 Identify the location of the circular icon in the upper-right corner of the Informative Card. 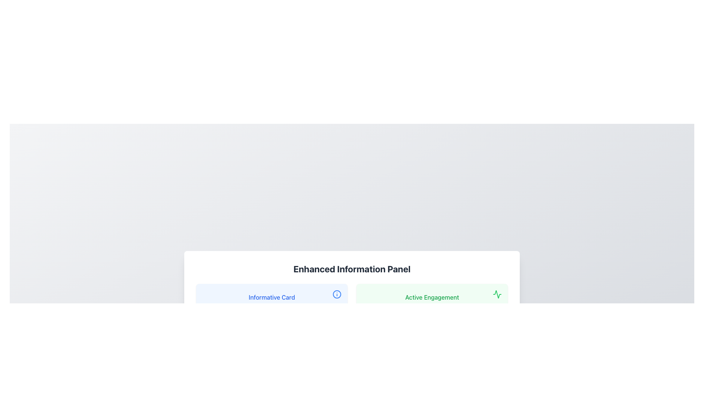
(337, 294).